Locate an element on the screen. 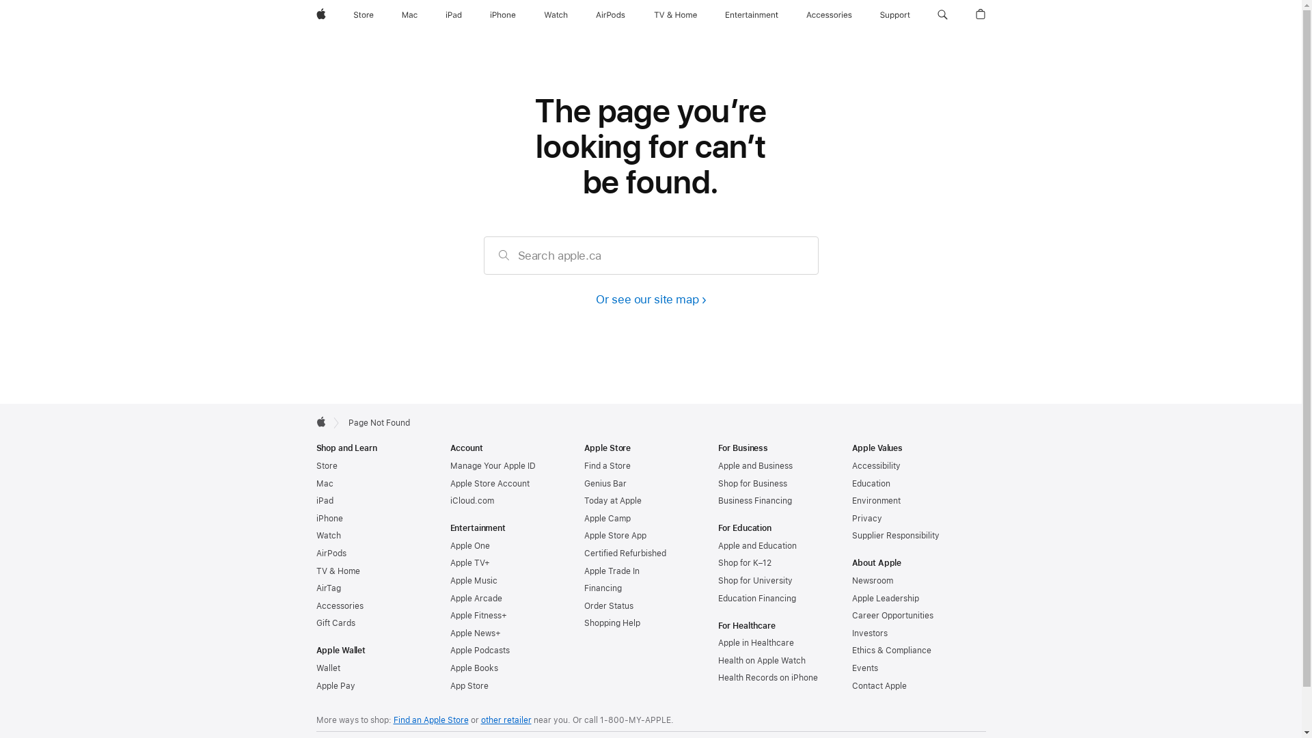 The image size is (1312, 738). 'Education' is located at coordinates (851, 483).